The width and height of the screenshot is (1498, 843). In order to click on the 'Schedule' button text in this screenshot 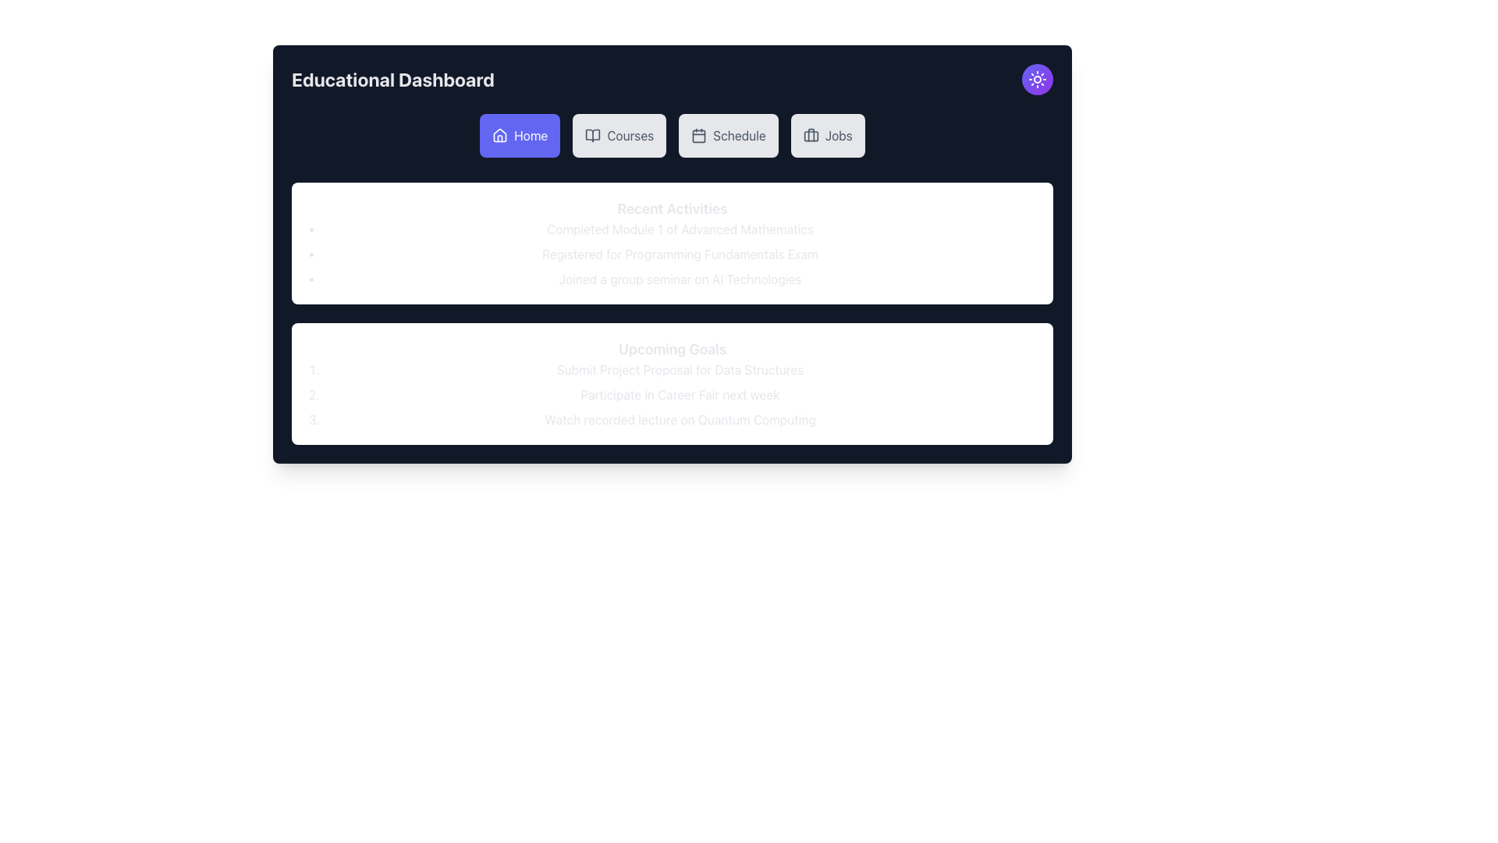, I will do `click(739, 134)`.